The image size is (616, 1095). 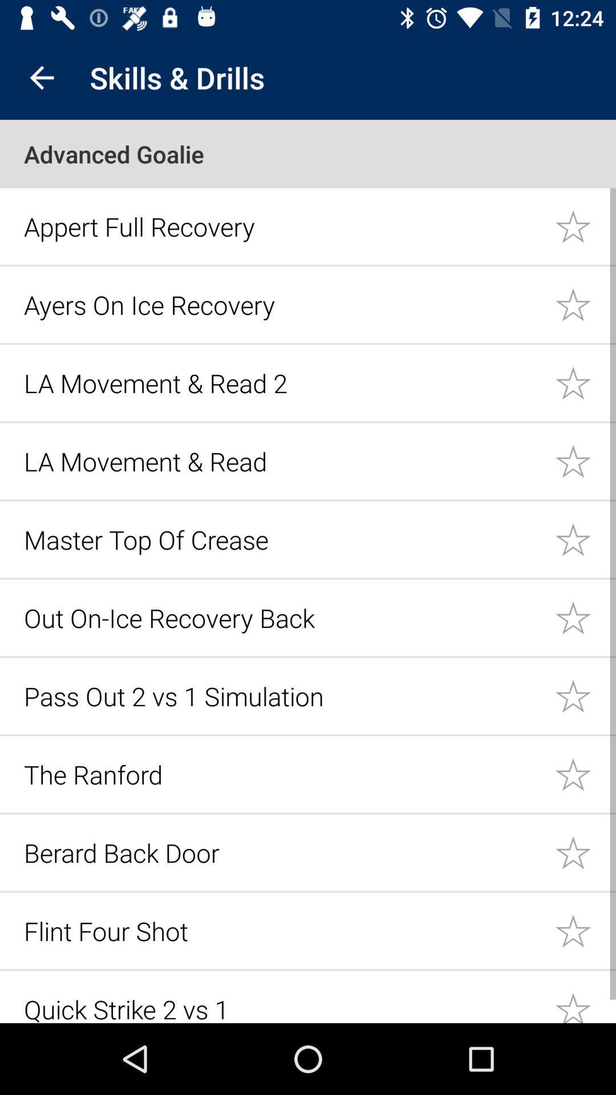 What do you see at coordinates (282, 774) in the screenshot?
I see `the icon above the berard back door icon` at bounding box center [282, 774].